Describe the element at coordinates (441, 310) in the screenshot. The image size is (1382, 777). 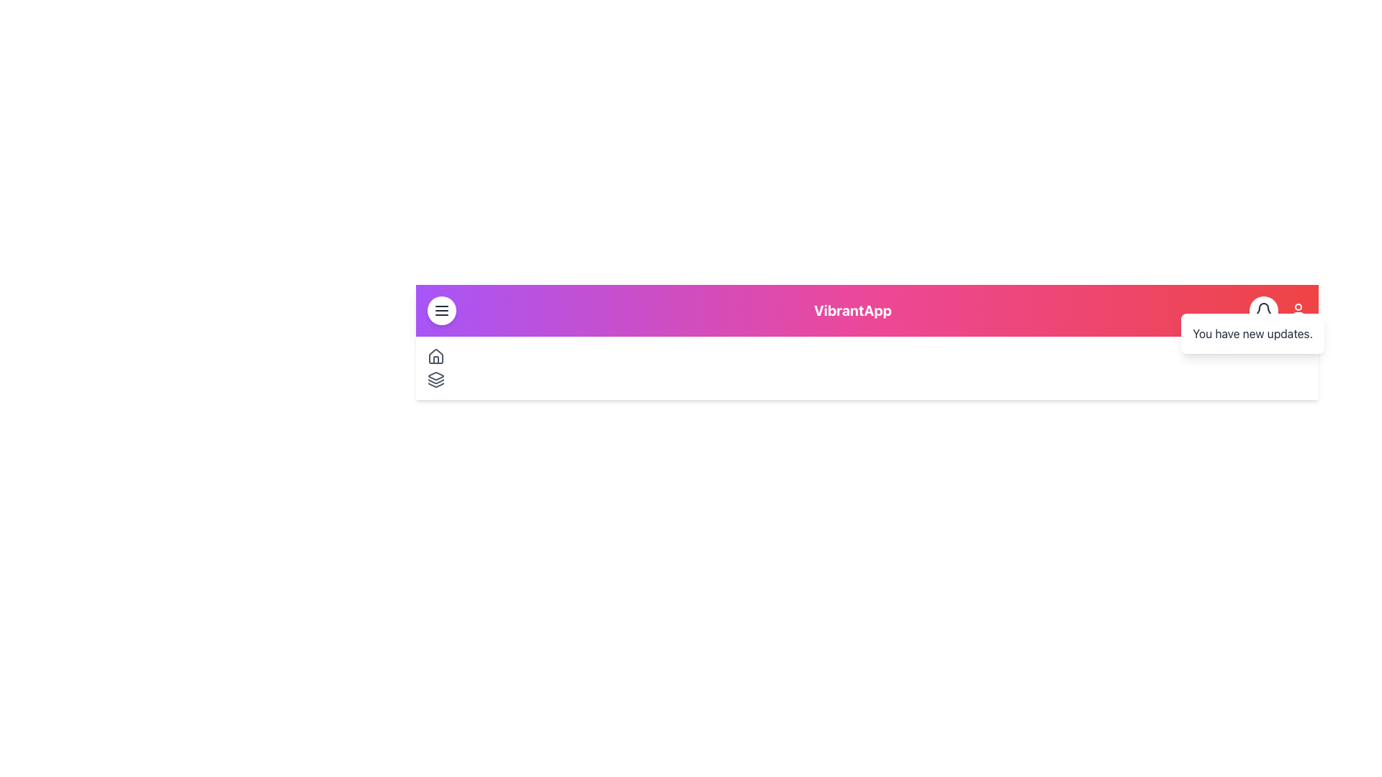
I see `the menu icon located in the top left corner of the vibrant header bar` at that location.